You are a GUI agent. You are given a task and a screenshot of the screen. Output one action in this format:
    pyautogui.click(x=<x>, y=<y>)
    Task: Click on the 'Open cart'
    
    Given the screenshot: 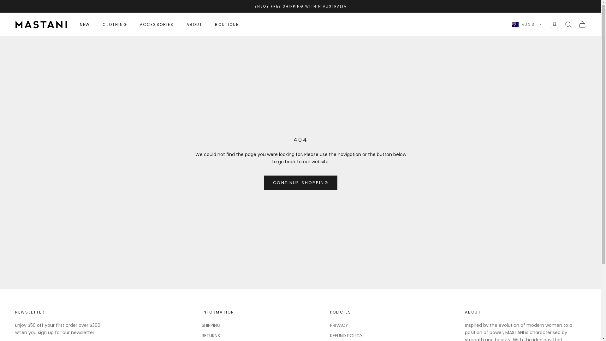 What is the action you would take?
    pyautogui.click(x=582, y=24)
    